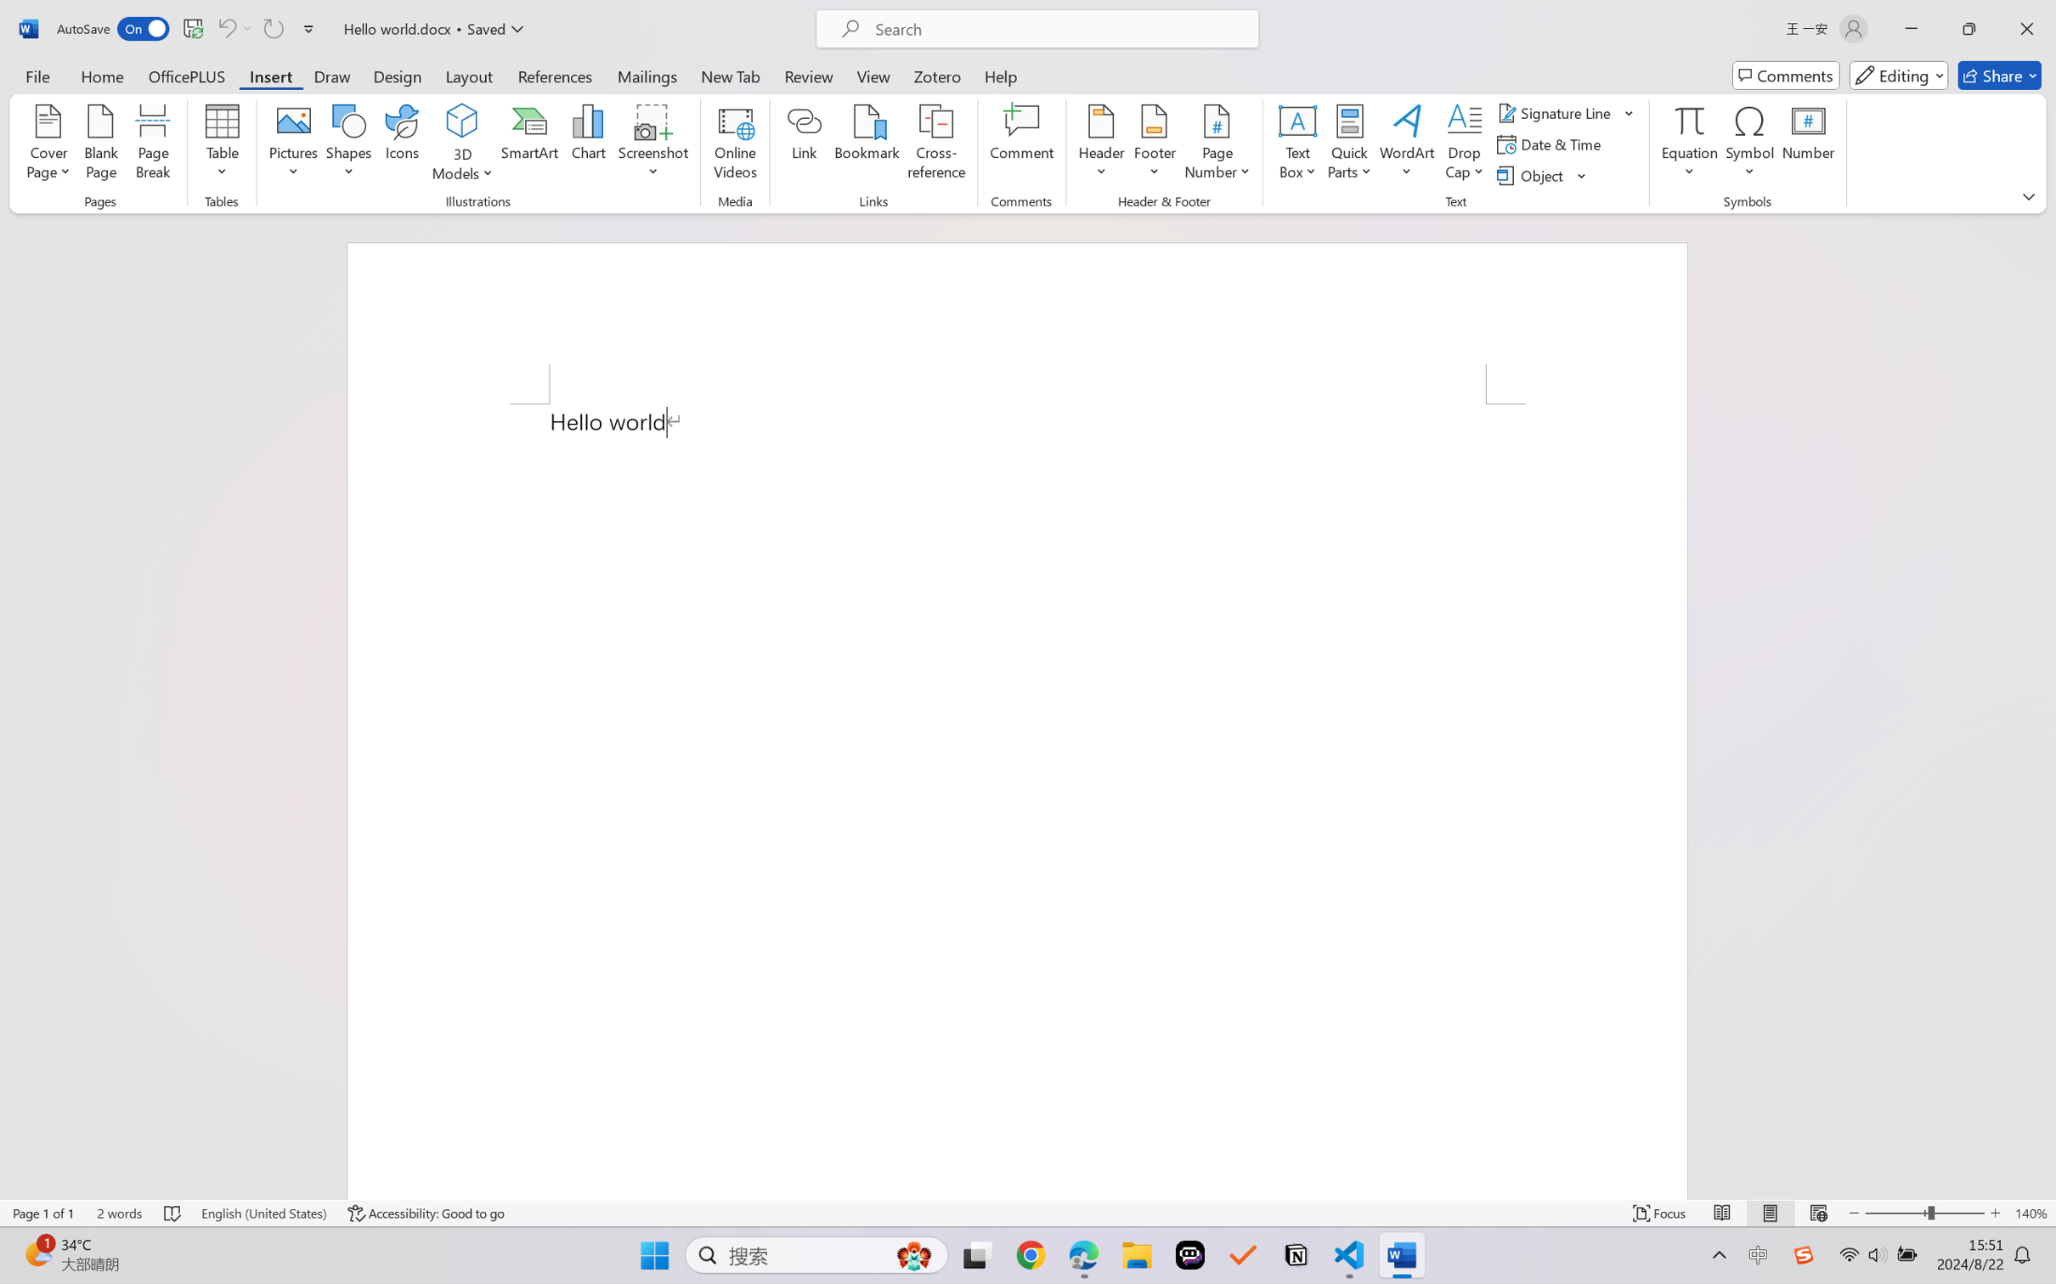 The height and width of the screenshot is (1284, 2056). I want to click on '3D Models', so click(462, 121).